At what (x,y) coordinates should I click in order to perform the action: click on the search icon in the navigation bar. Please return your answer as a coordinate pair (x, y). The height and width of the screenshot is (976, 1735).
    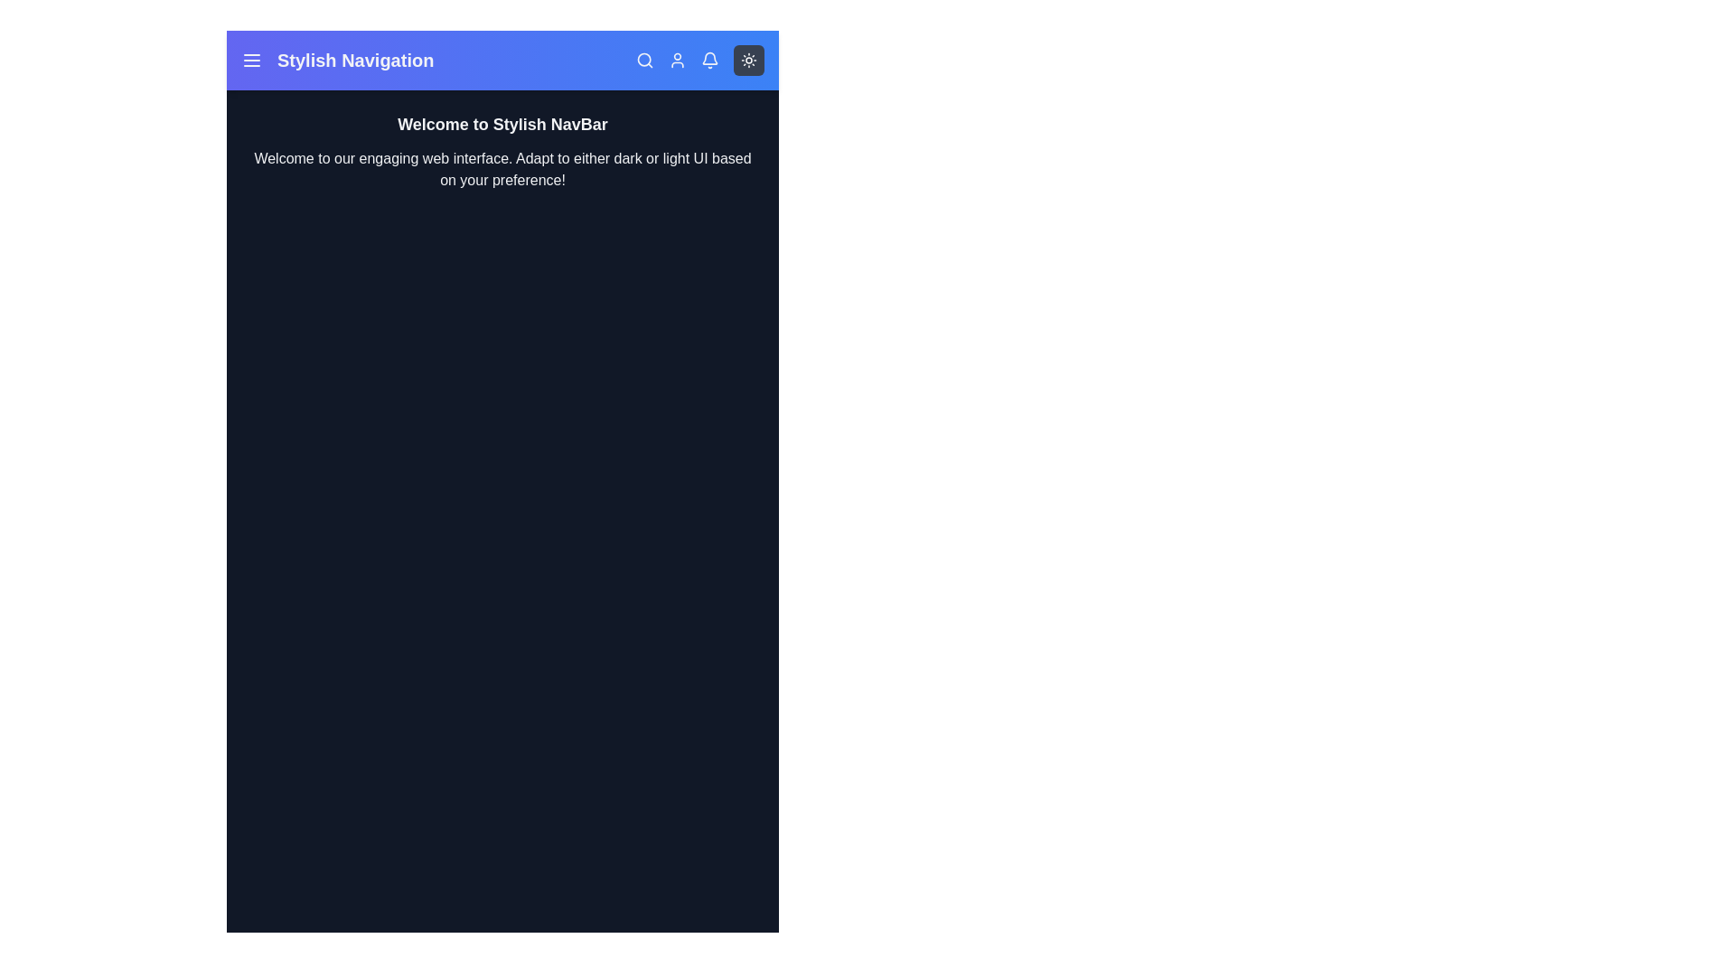
    Looking at the image, I should click on (645, 59).